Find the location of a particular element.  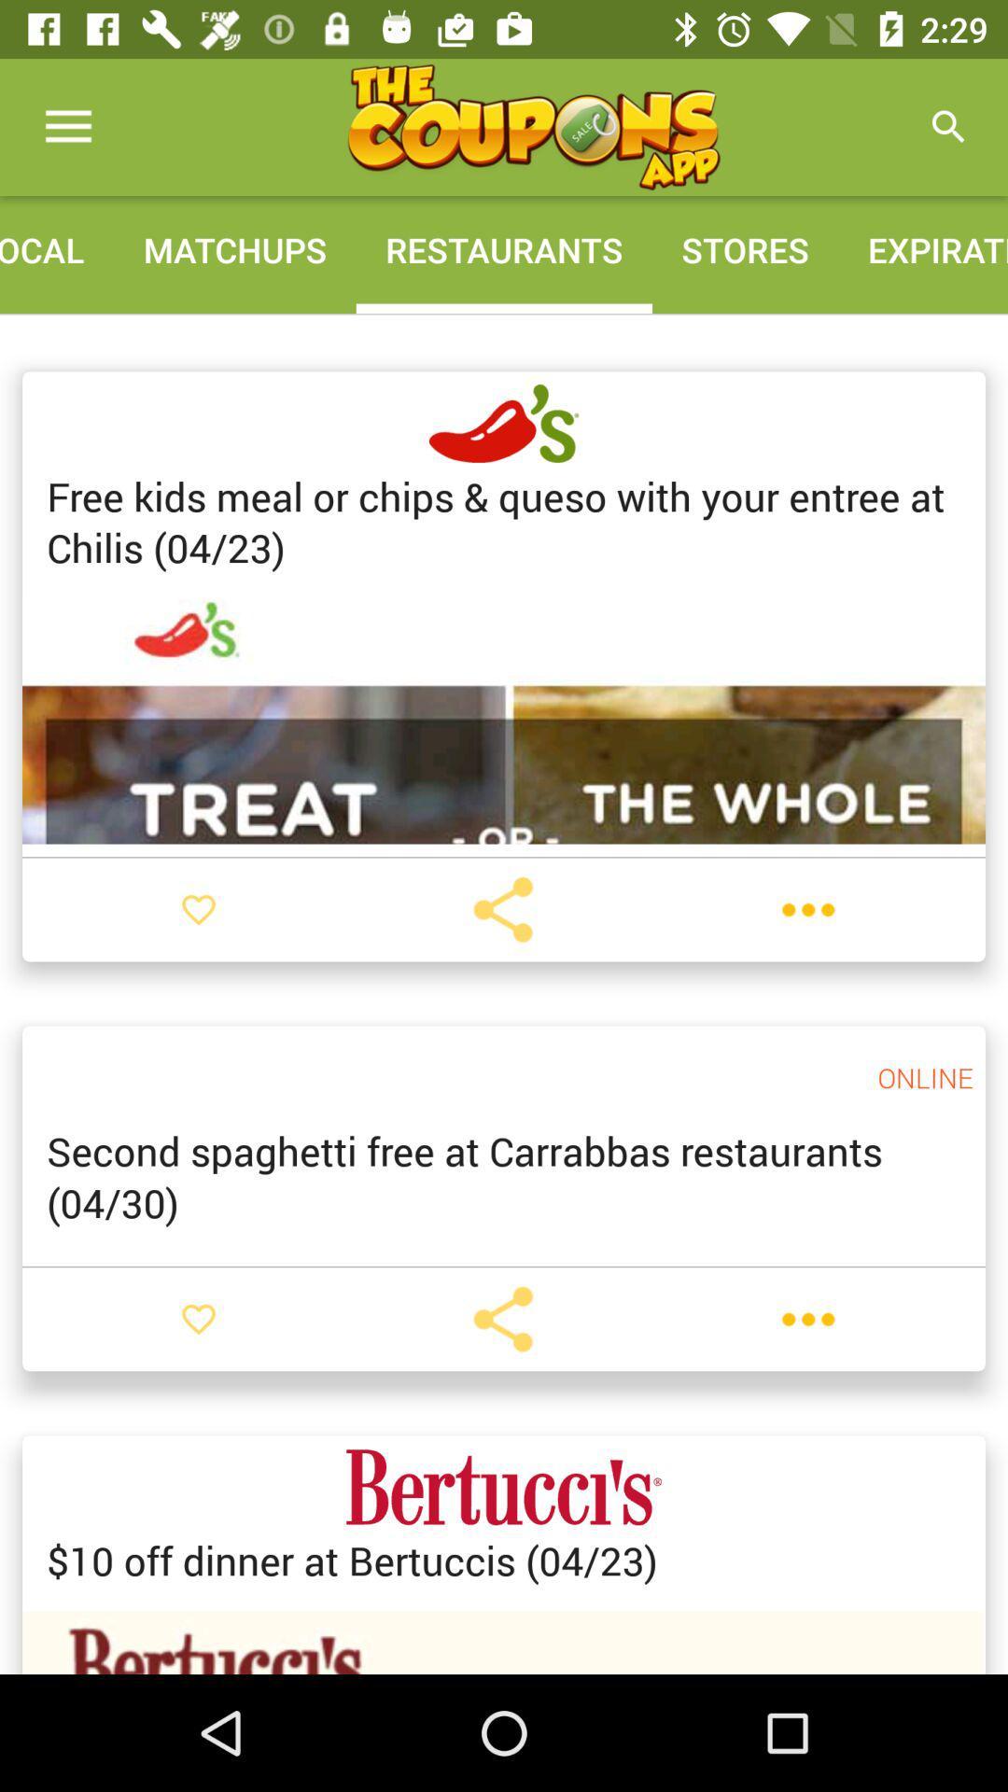

the item next to the stores icon is located at coordinates (949, 126).